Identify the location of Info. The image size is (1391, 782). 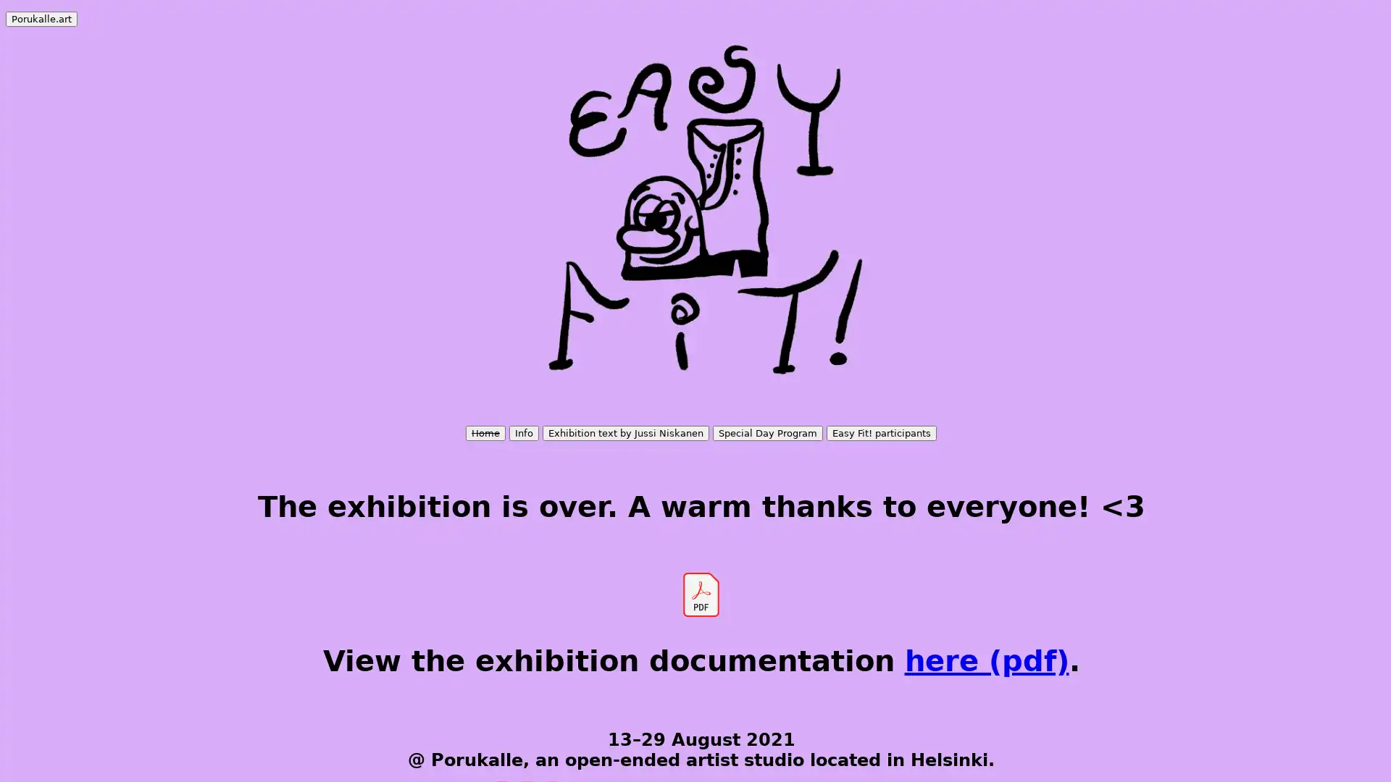
(523, 432).